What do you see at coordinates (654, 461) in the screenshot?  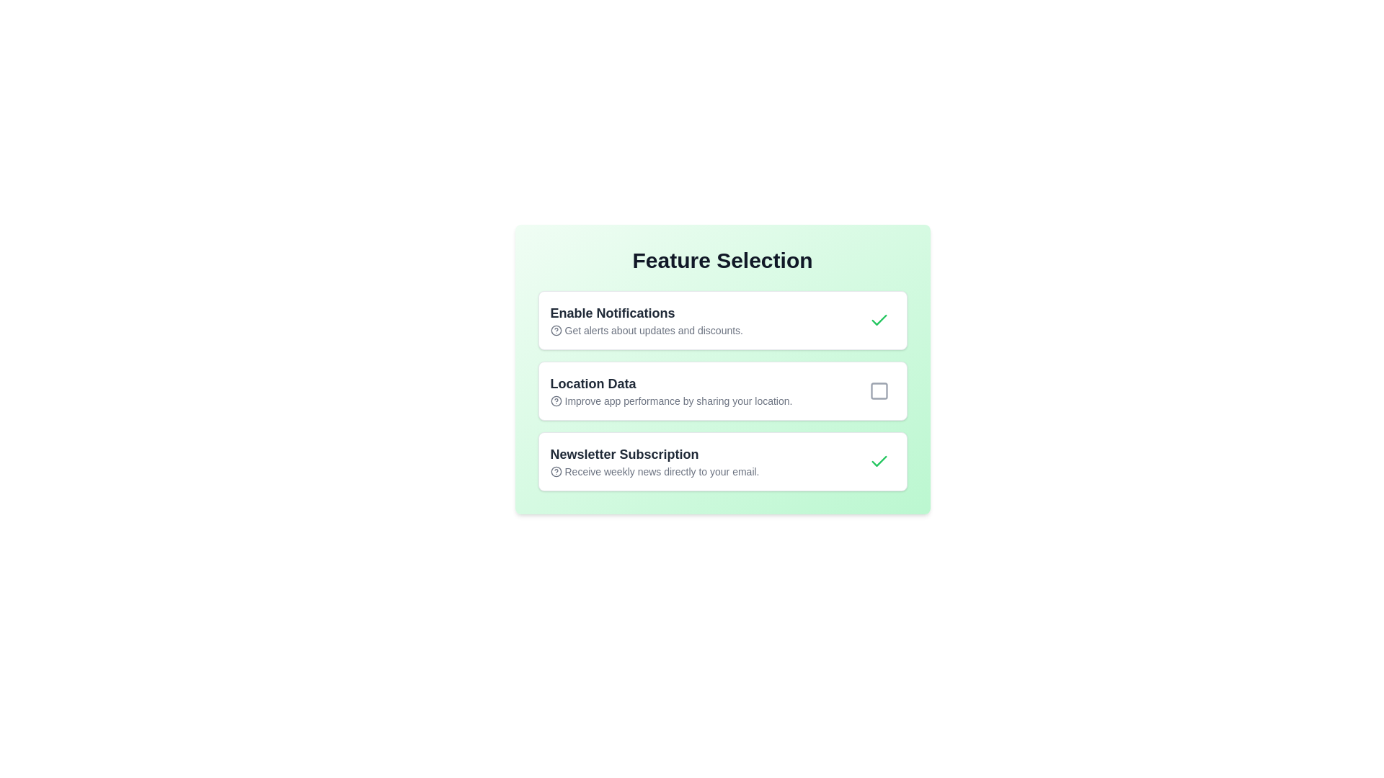 I see `the 'Newsletter Subscription' text display label within the card UI component, which is the third card in a vertical stack and has a green background` at bounding box center [654, 461].